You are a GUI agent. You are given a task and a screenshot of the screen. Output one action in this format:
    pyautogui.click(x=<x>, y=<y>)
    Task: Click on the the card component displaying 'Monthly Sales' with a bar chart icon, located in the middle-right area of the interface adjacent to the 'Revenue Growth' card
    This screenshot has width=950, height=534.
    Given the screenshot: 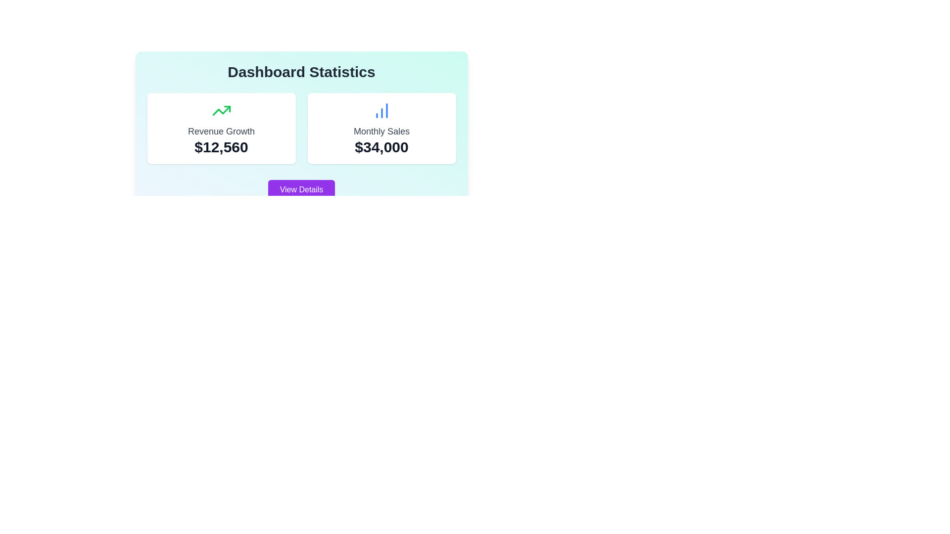 What is the action you would take?
    pyautogui.click(x=381, y=128)
    